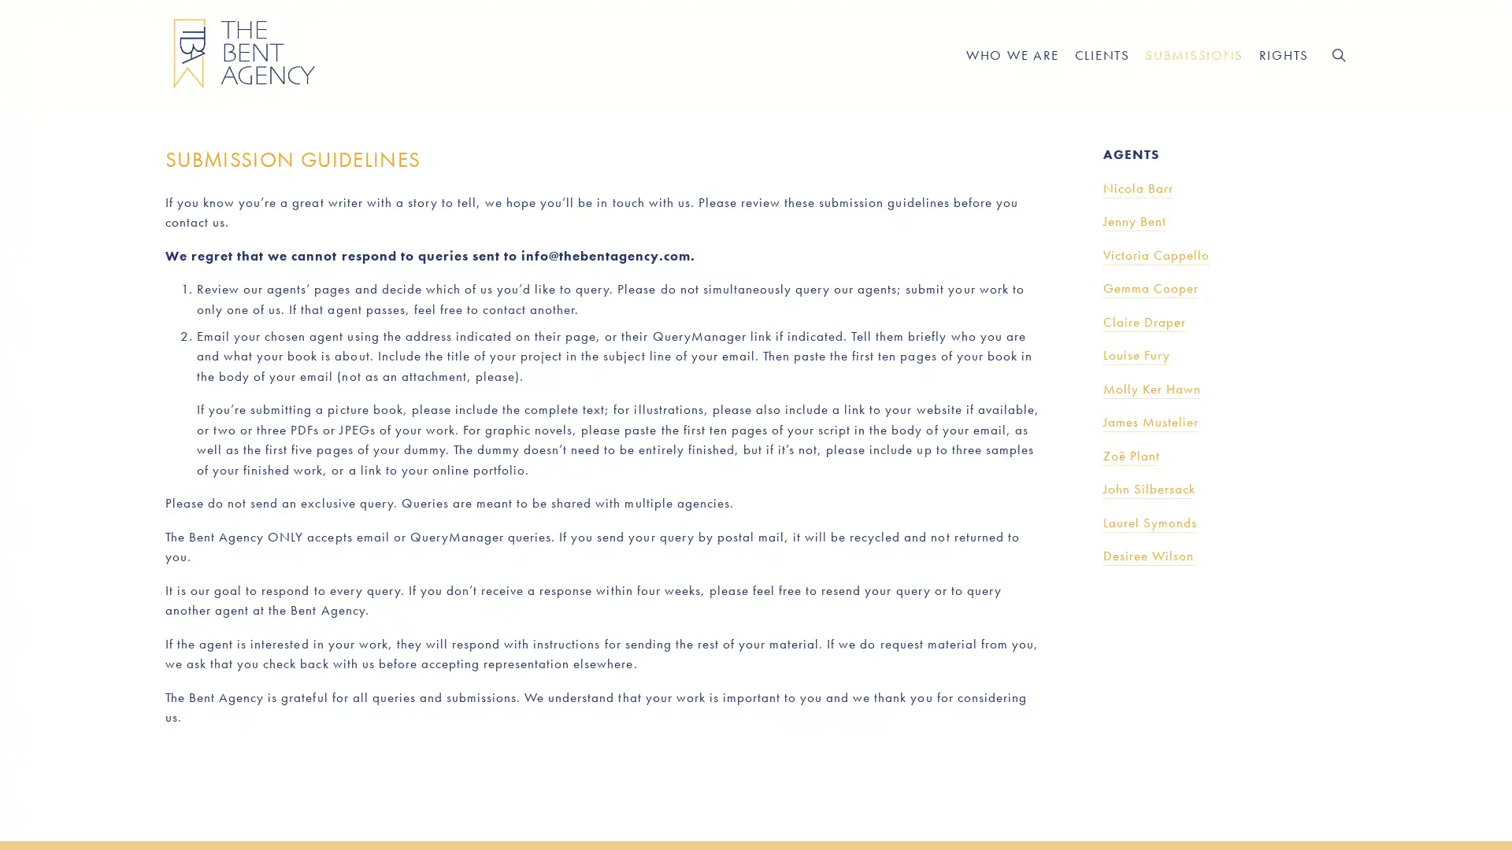 Image resolution: width=1512 pixels, height=850 pixels. Describe the element at coordinates (1337, 54) in the screenshot. I see `Search` at that location.